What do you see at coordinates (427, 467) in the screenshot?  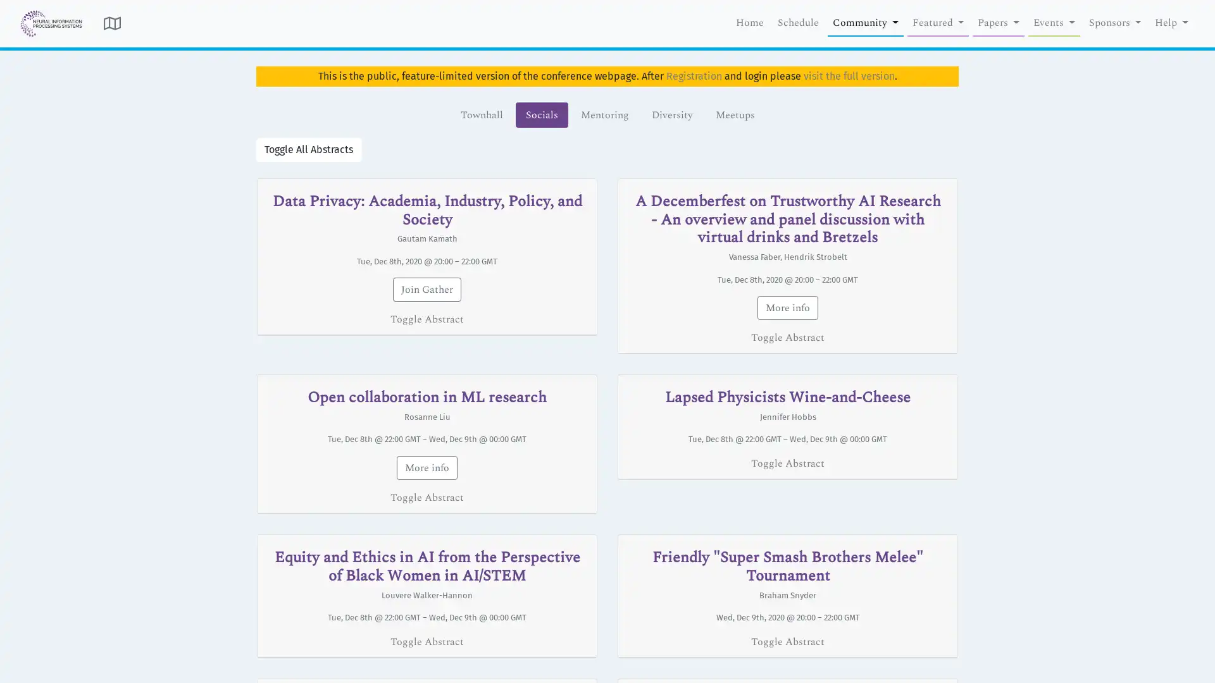 I see `More info` at bounding box center [427, 467].